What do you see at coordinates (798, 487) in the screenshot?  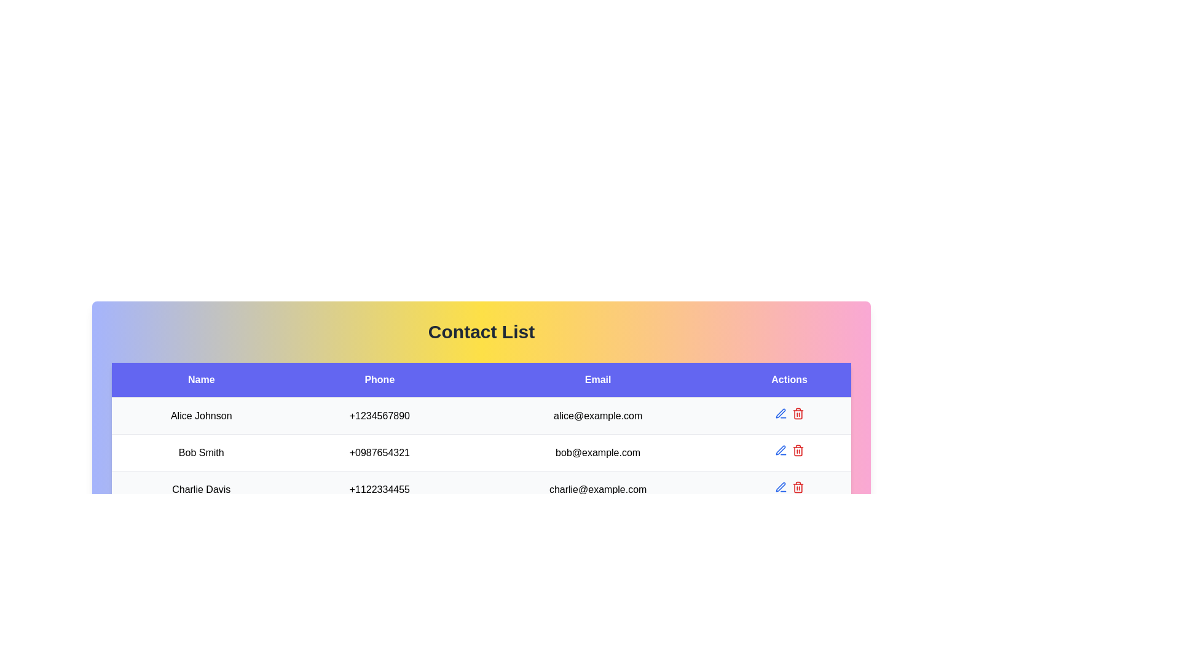 I see `the red trash bin icon in the 'Actions' column of the third row for the entry labeled 'Charlie Davis'` at bounding box center [798, 487].